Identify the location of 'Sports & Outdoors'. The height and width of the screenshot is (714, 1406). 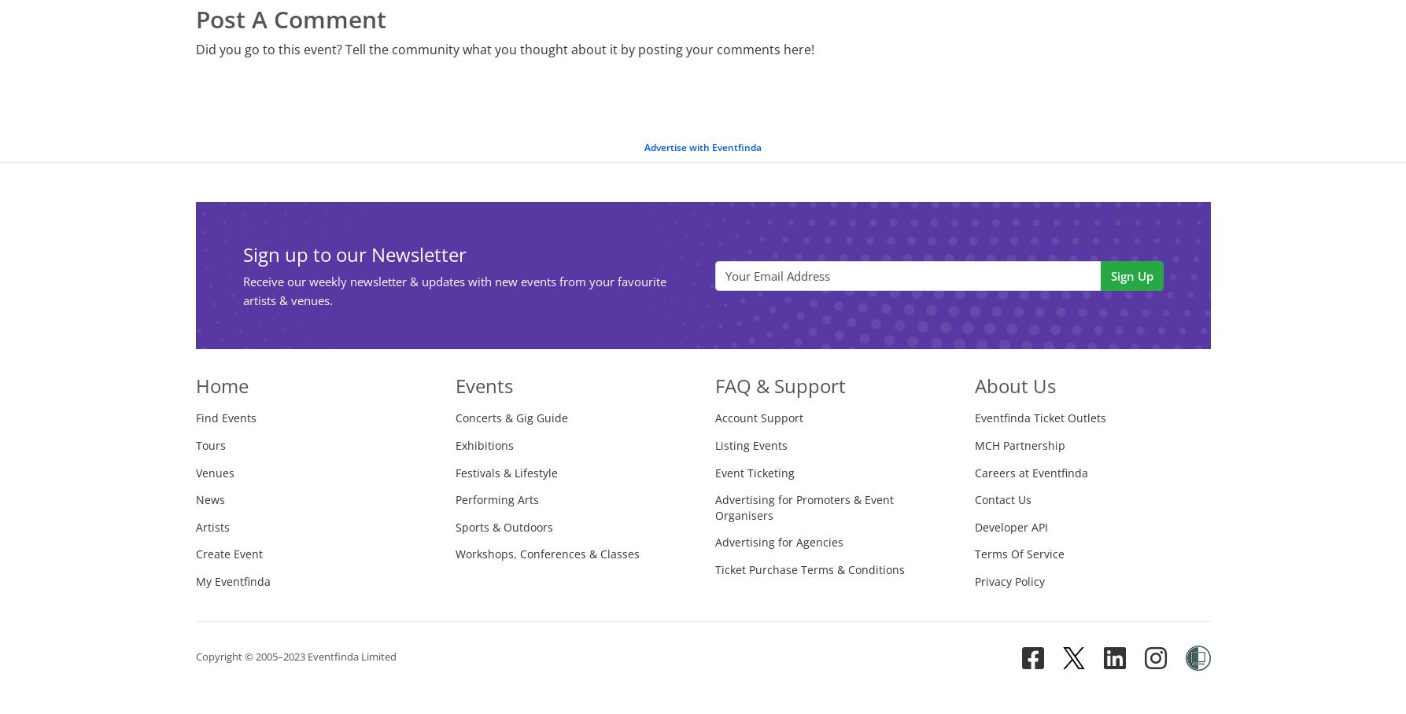
(502, 526).